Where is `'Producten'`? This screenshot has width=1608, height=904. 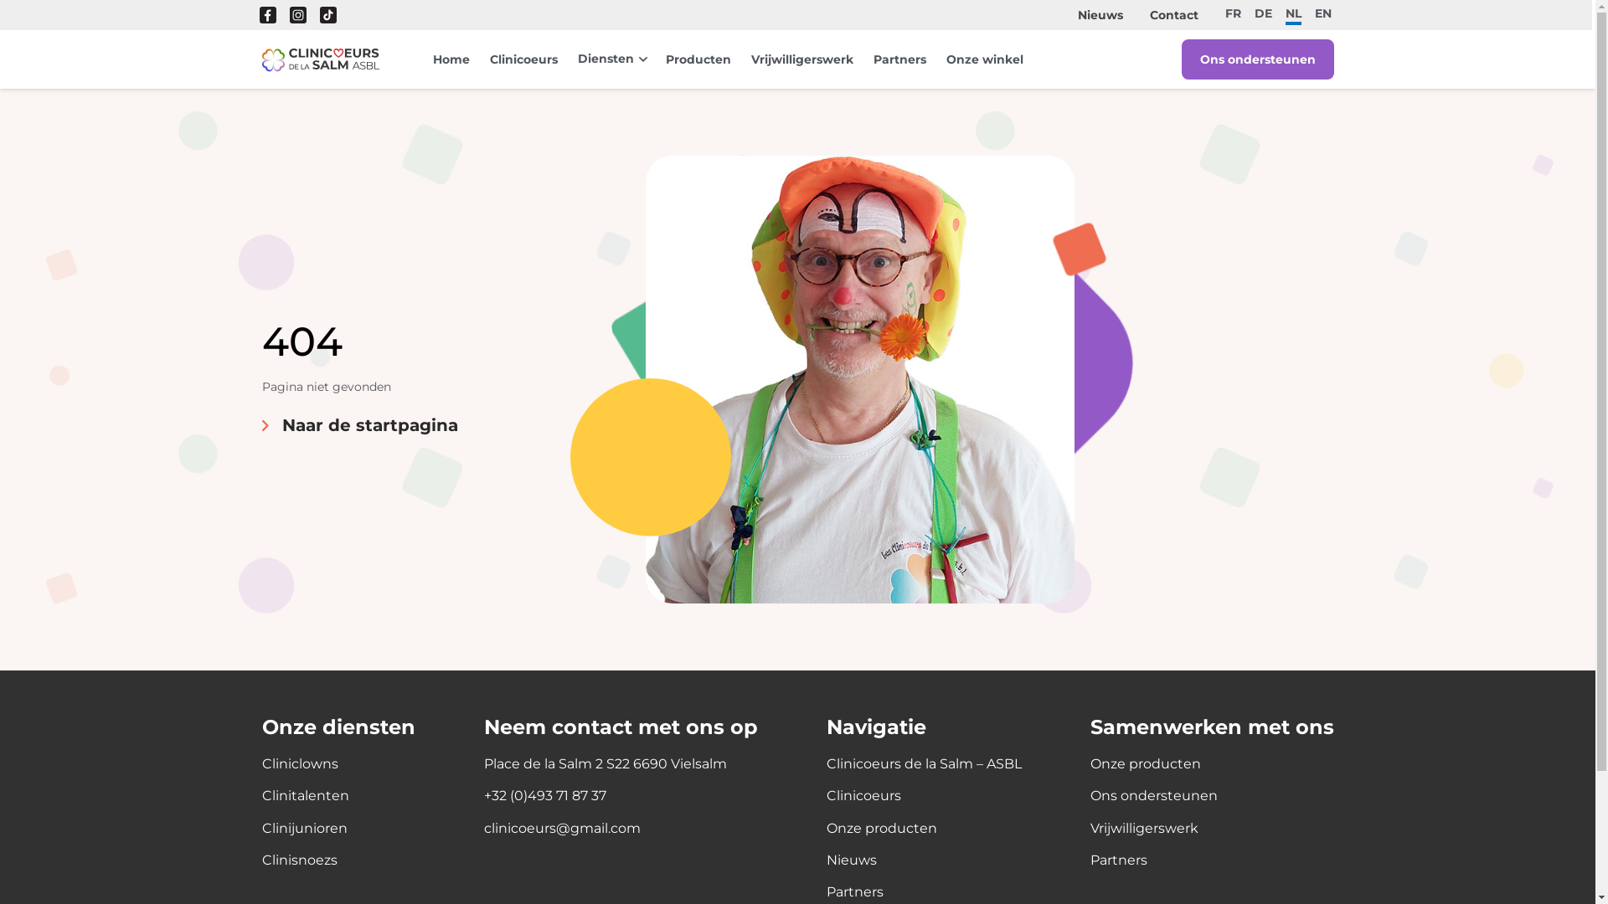
'Producten' is located at coordinates (698, 58).